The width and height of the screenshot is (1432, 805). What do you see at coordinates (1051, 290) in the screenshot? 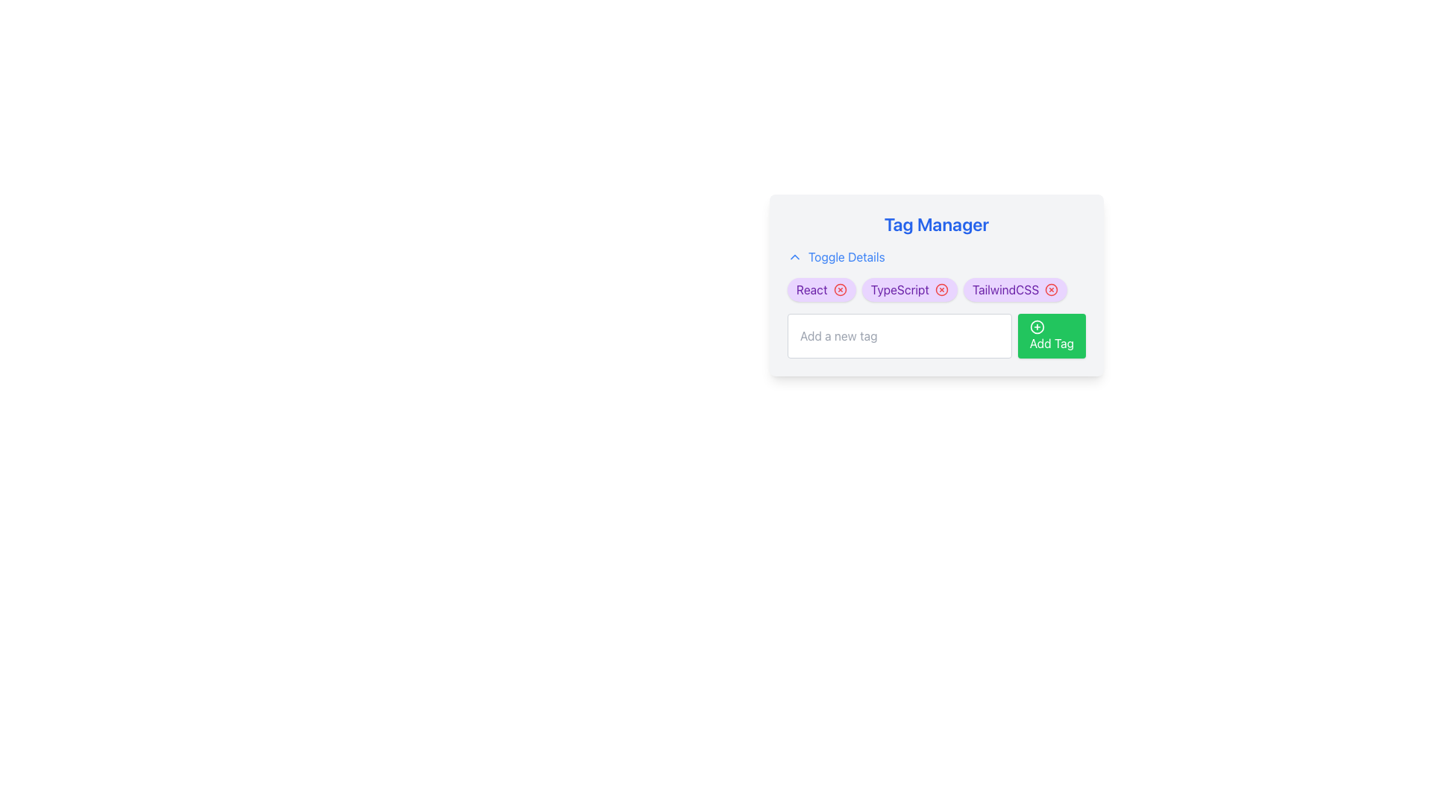
I see `the circular graphic with a red tint in the top right corner of the 'TailwindCSS' tag within the 'Tag Manager' interface` at bounding box center [1051, 290].